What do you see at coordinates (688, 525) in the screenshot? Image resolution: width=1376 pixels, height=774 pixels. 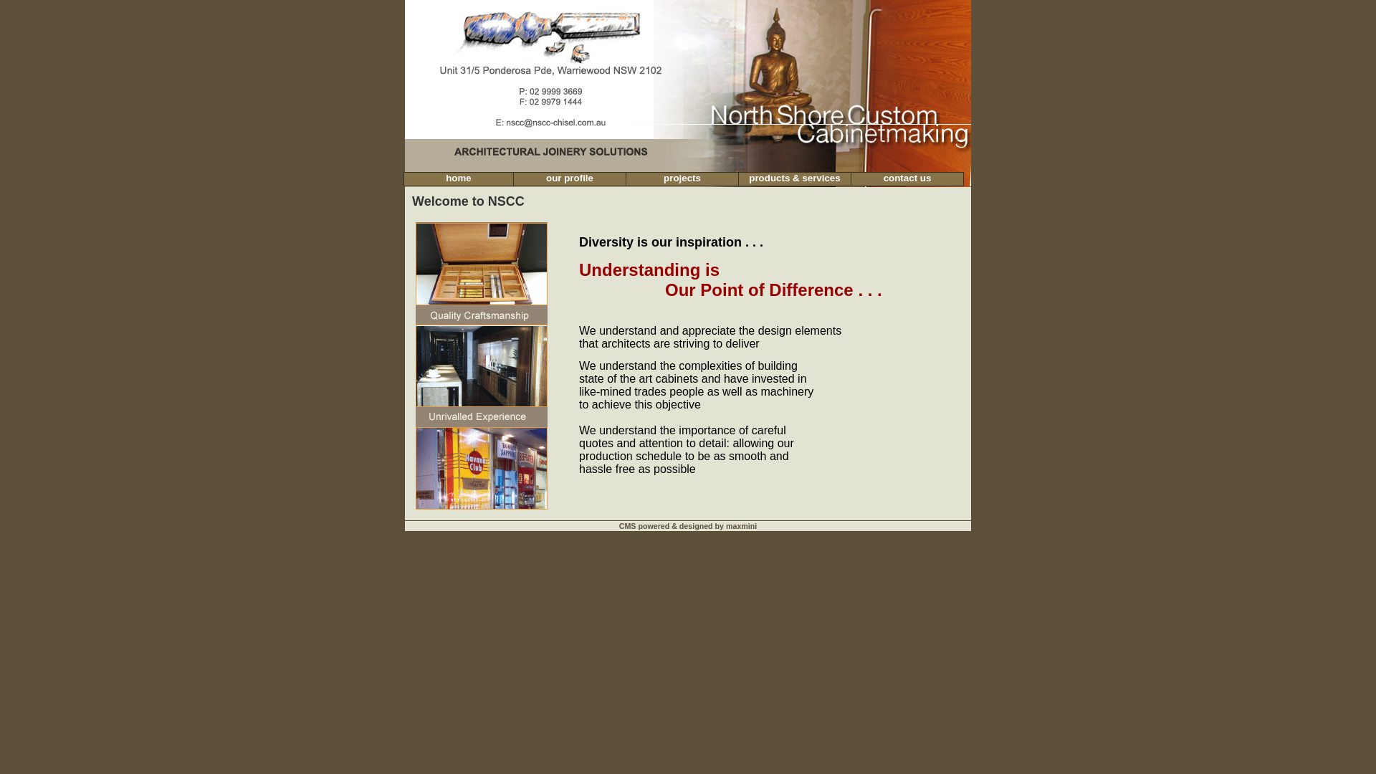 I see `'CMS powered & designed by maxmini'` at bounding box center [688, 525].